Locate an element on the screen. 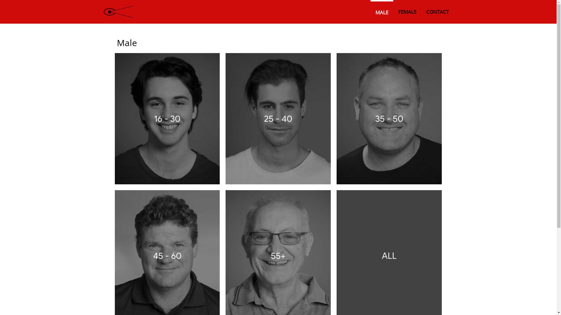 The image size is (561, 315). 'FEMALE' is located at coordinates (407, 12).